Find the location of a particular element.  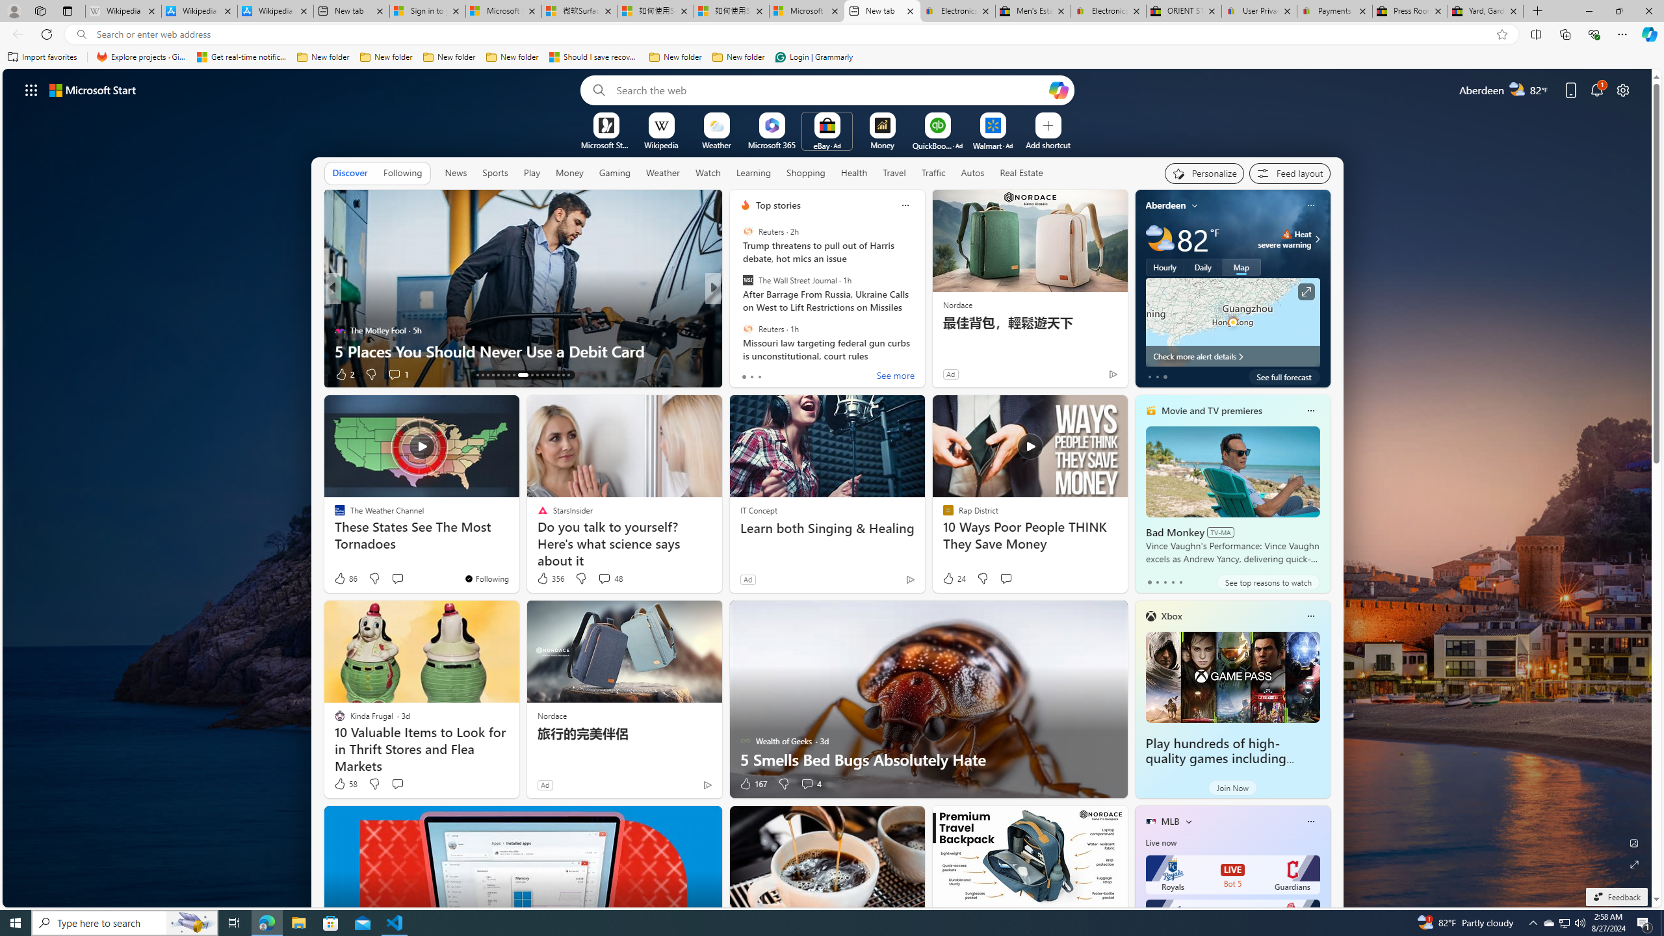

'Notifications' is located at coordinates (1597, 89).